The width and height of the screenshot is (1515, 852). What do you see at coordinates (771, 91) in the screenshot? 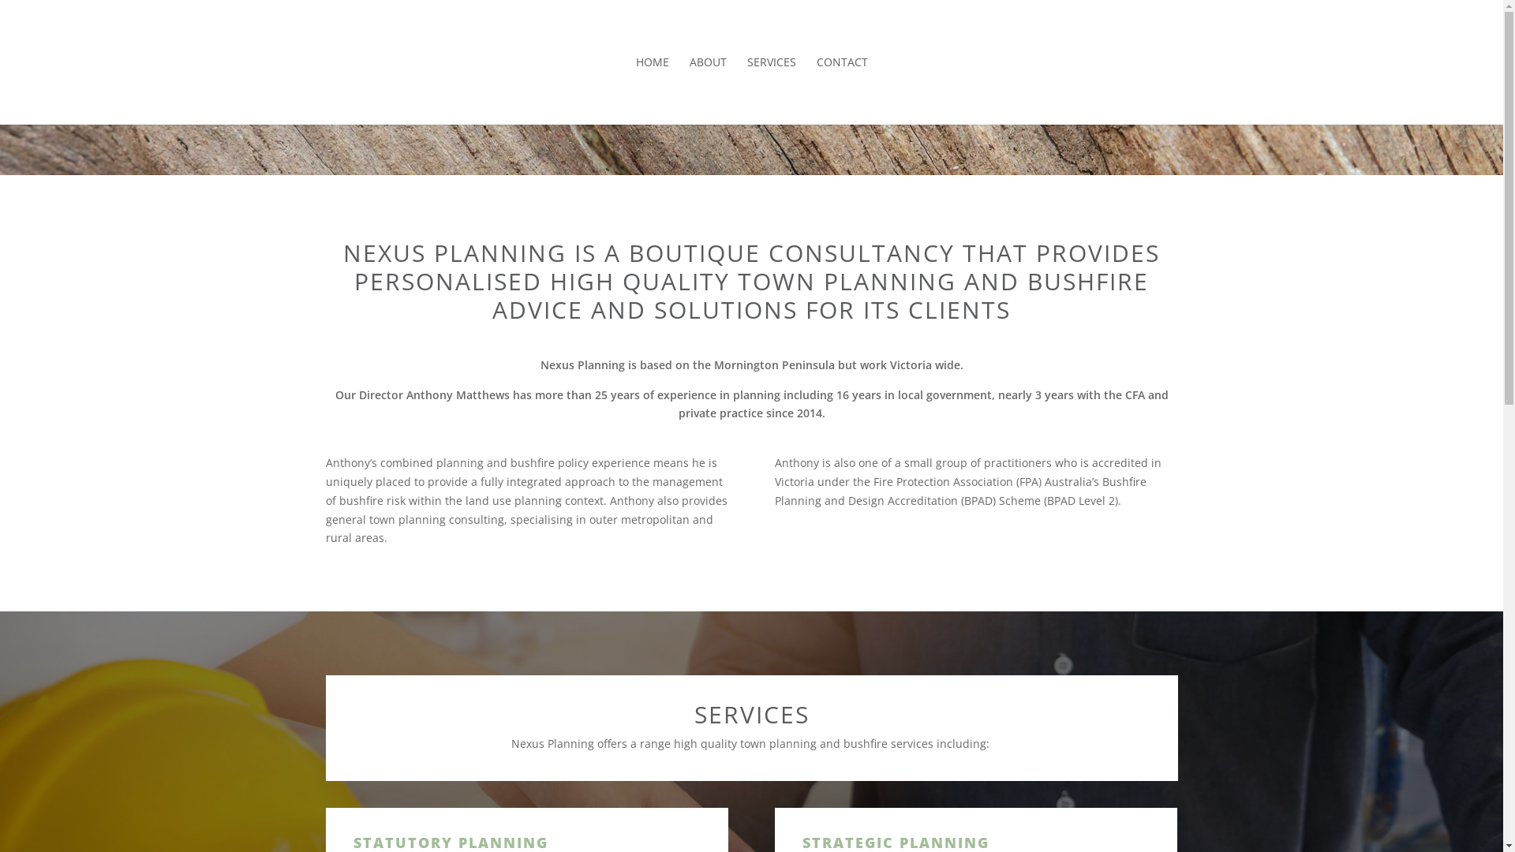
I see `'SERVICES'` at bounding box center [771, 91].